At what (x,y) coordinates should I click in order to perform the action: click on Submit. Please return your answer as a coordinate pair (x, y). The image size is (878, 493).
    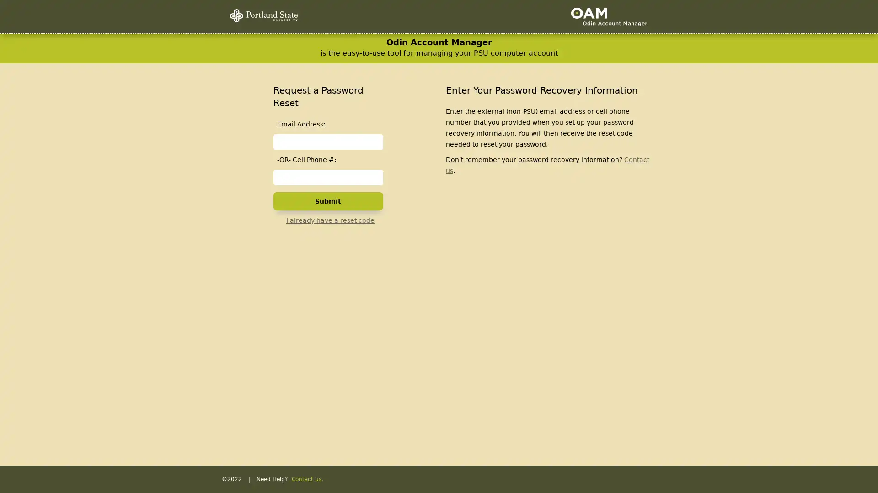
    Looking at the image, I should click on (327, 200).